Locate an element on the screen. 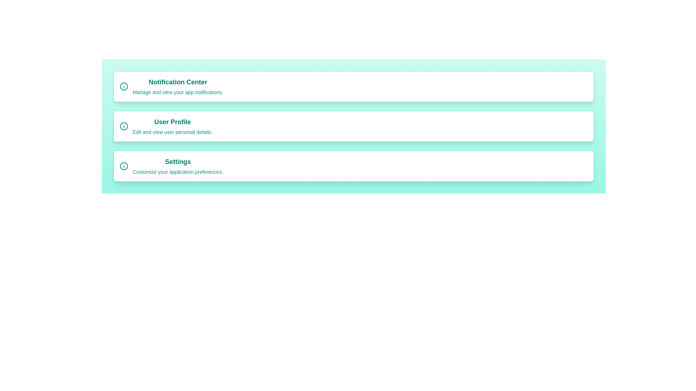 The image size is (696, 391). the Text block that presents information about the user's profile options, located to the right of the teal informational icon in the second card of a three-card stack is located at coordinates (172, 126).